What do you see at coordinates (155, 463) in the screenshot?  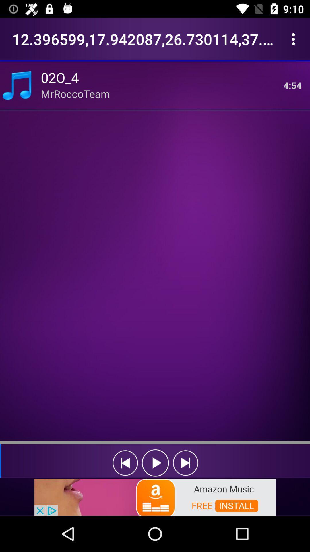 I see `the play icon` at bounding box center [155, 463].